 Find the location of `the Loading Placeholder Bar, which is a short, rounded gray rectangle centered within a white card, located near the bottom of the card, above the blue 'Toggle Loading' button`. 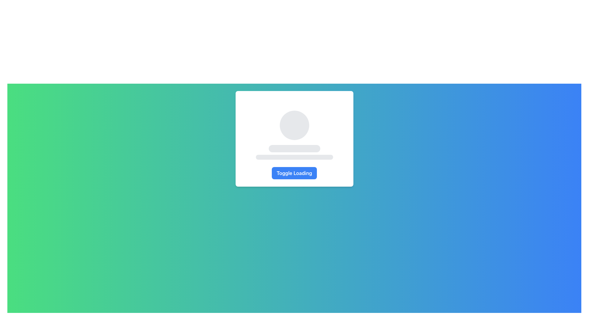

the Loading Placeholder Bar, which is a short, rounded gray rectangle centered within a white card, located near the bottom of the card, above the blue 'Toggle Loading' button is located at coordinates (294, 157).